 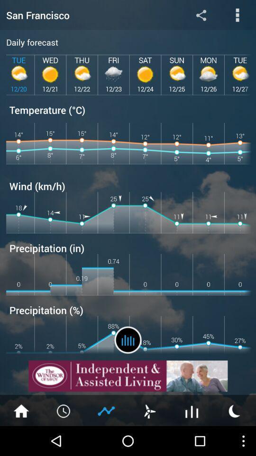 I want to click on the home icon, so click(x=21, y=439).